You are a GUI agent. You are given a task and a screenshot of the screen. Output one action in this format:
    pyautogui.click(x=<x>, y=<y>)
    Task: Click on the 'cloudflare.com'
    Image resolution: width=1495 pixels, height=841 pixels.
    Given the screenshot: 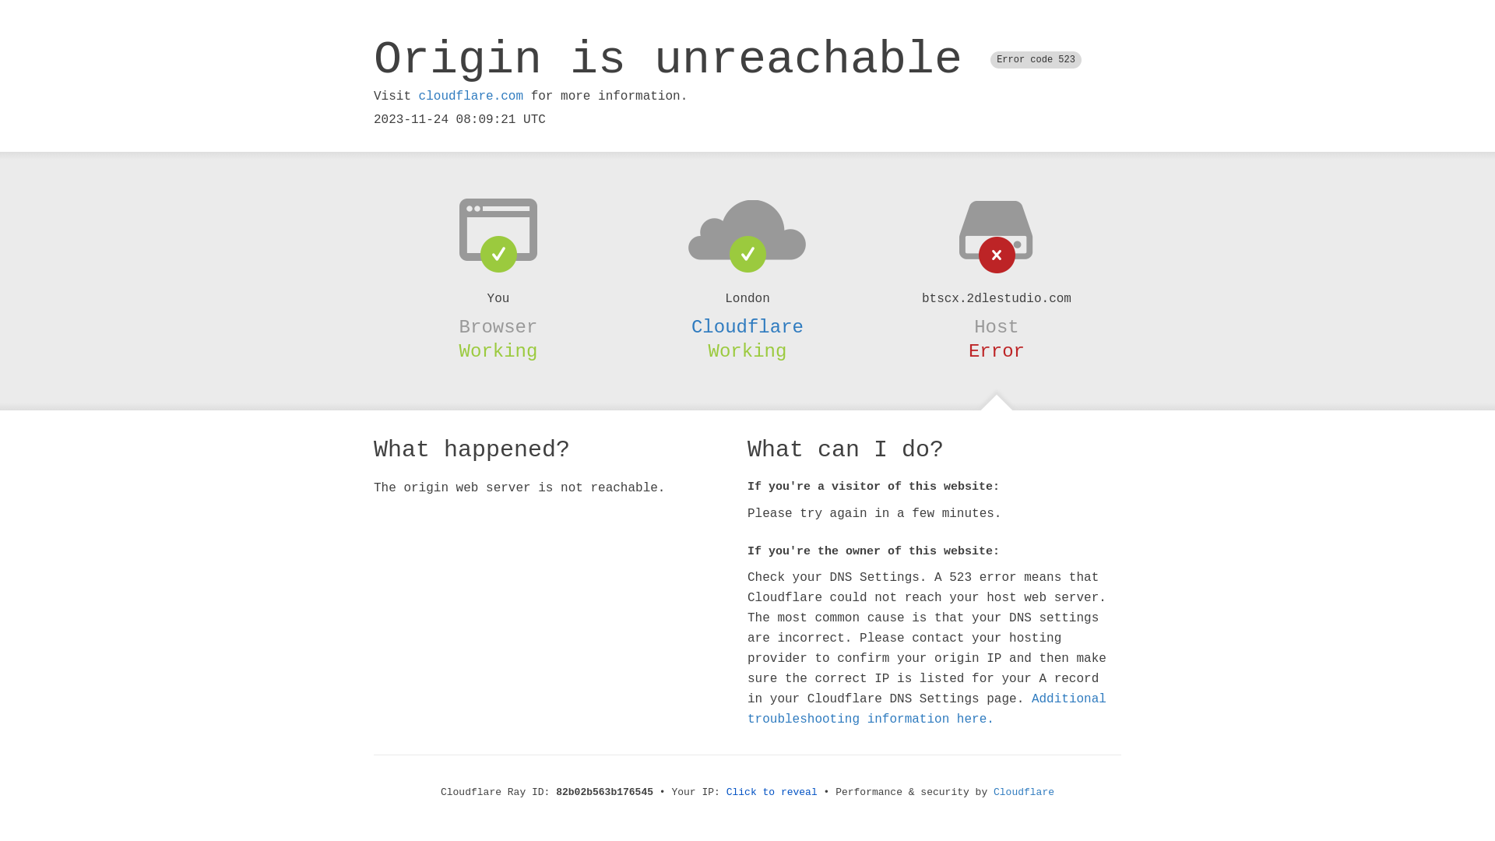 What is the action you would take?
    pyautogui.click(x=418, y=96)
    